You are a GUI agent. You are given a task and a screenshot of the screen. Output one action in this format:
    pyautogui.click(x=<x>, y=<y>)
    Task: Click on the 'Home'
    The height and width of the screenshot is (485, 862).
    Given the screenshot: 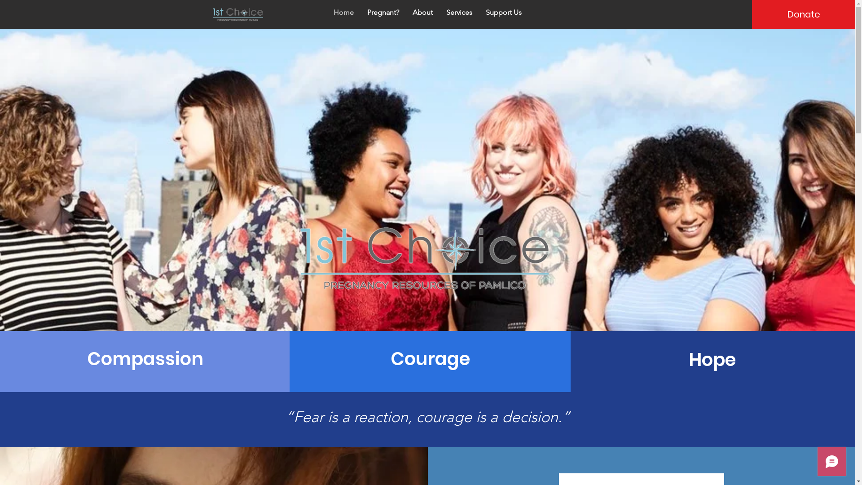 What is the action you would take?
    pyautogui.click(x=343, y=12)
    